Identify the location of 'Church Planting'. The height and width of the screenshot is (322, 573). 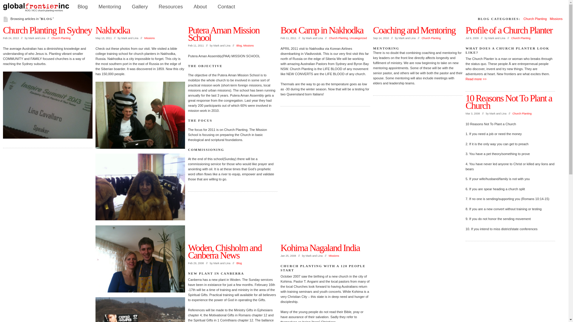
(520, 38).